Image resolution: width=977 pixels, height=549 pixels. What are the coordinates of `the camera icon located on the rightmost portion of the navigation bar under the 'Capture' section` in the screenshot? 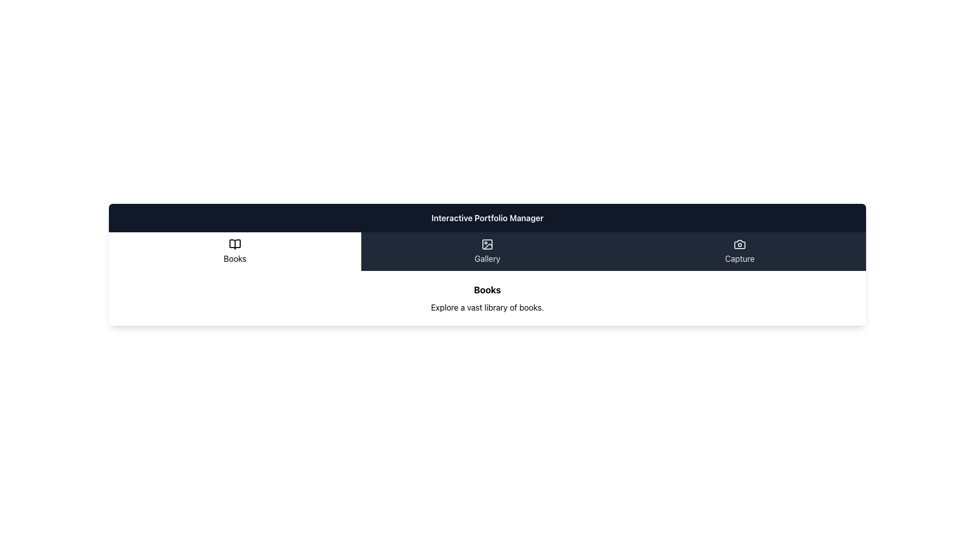 It's located at (740, 245).